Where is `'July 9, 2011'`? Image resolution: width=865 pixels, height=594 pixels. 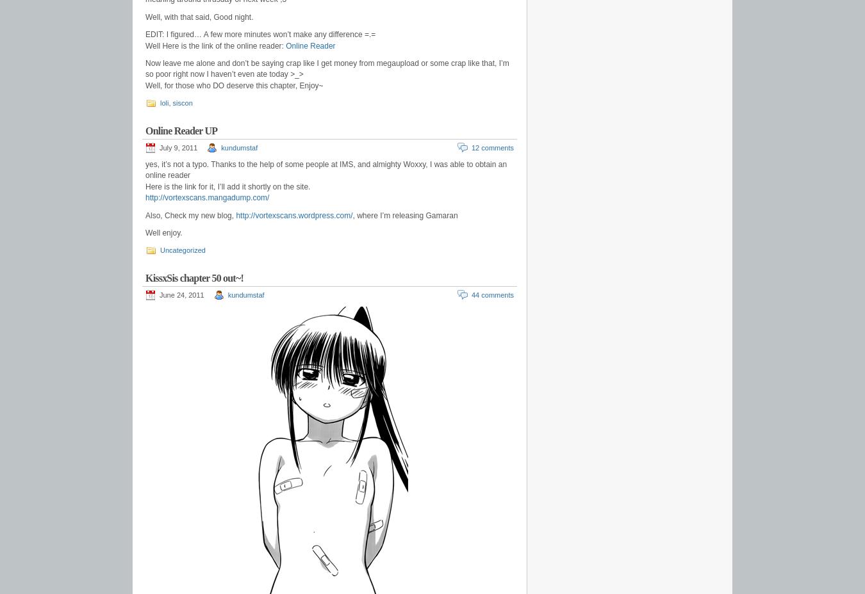
'July 9, 2011' is located at coordinates (177, 147).